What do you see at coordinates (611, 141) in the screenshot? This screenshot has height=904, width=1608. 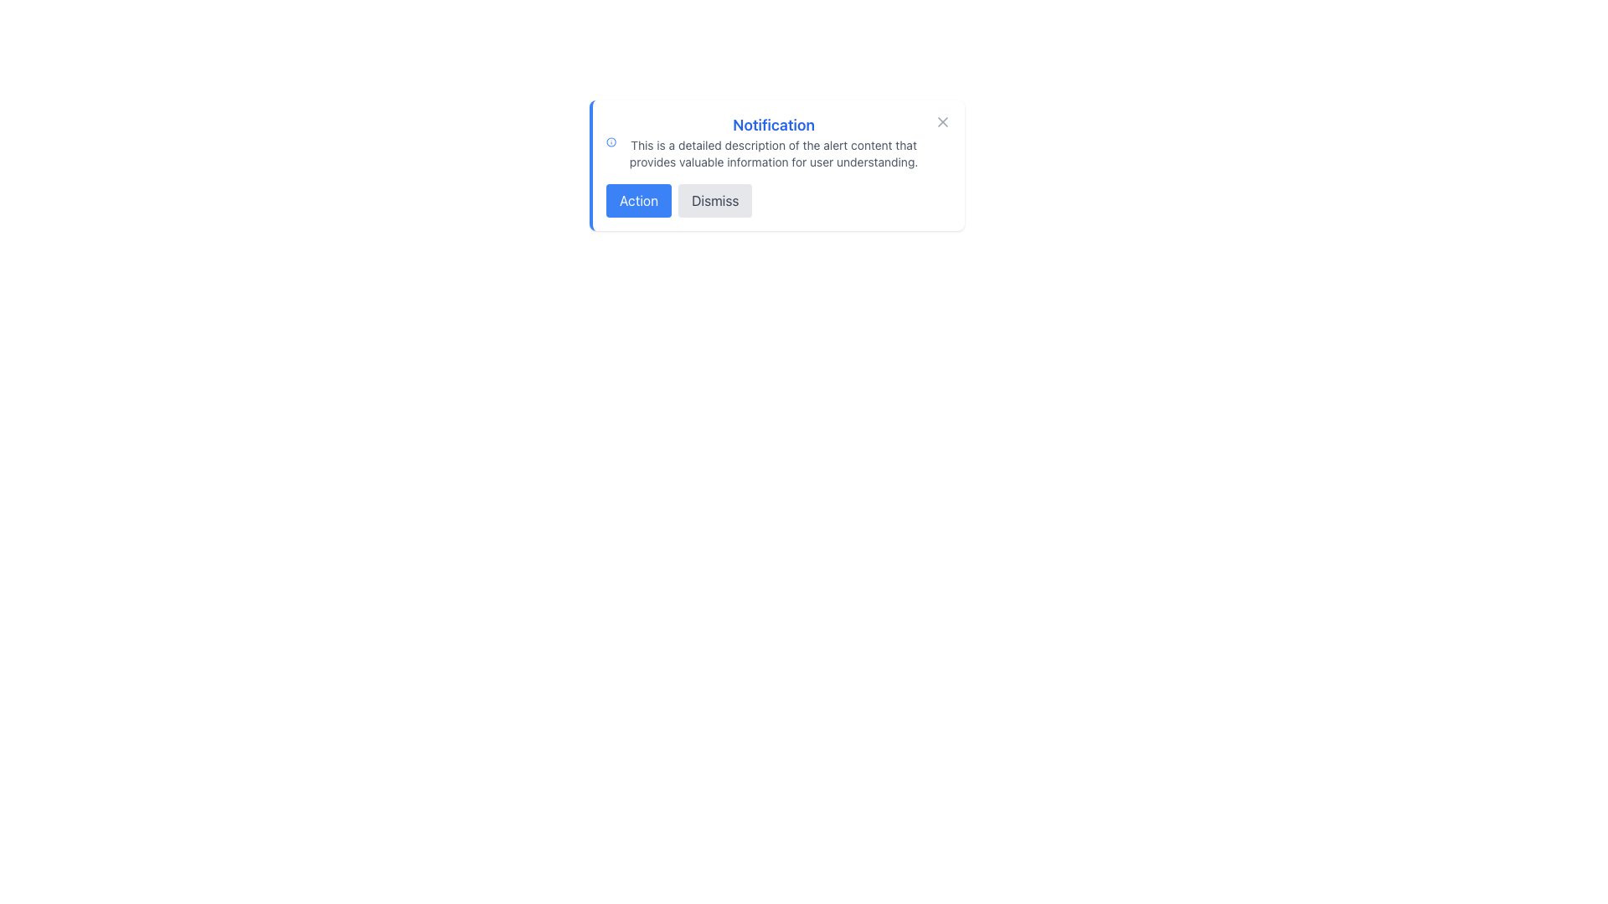 I see `the circular icon element with a 10-pixel radius, styled in blue, located within the notification box to the left of the header text 'Notification'` at bounding box center [611, 141].